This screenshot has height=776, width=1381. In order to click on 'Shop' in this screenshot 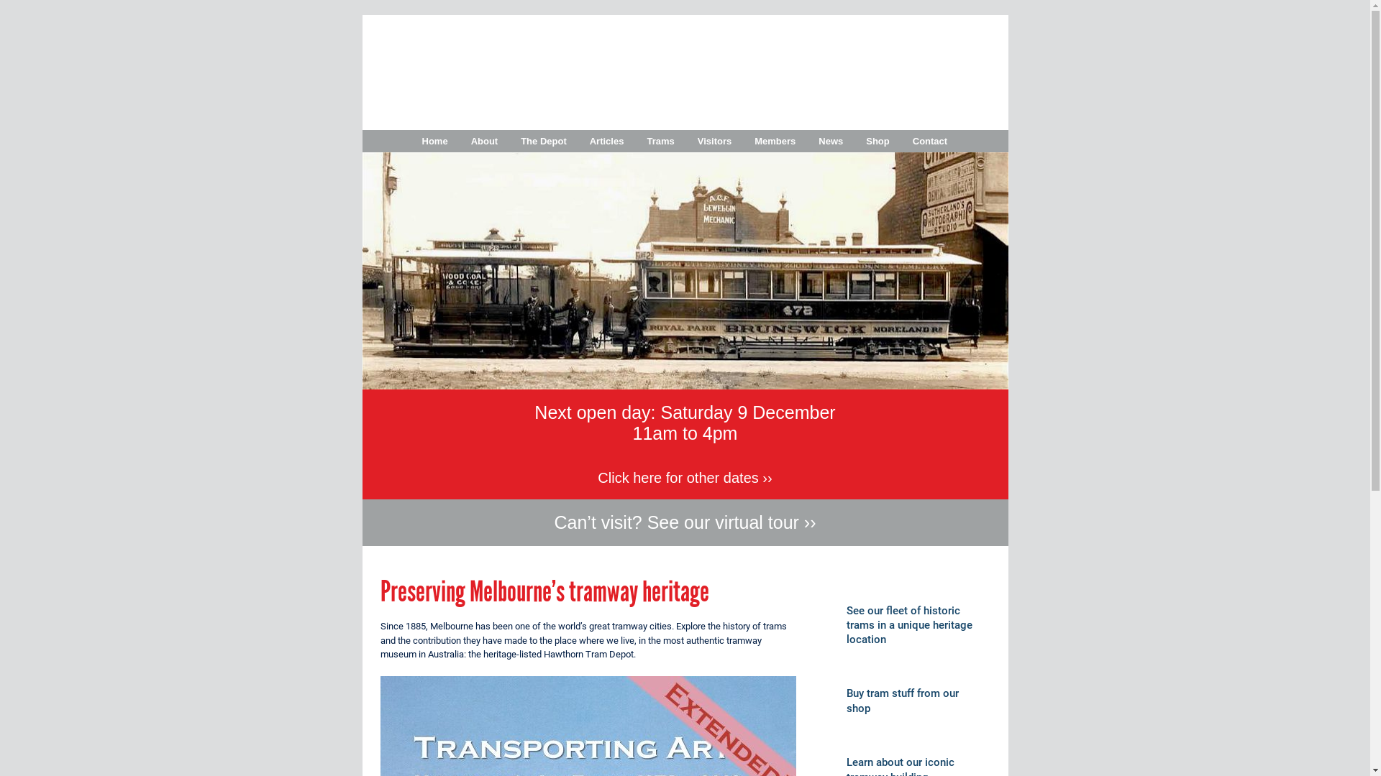, I will do `click(855, 141)`.